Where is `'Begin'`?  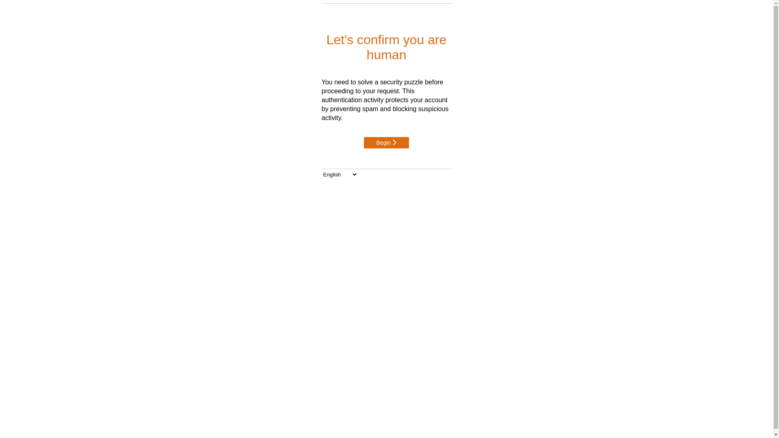 'Begin' is located at coordinates (364, 142).